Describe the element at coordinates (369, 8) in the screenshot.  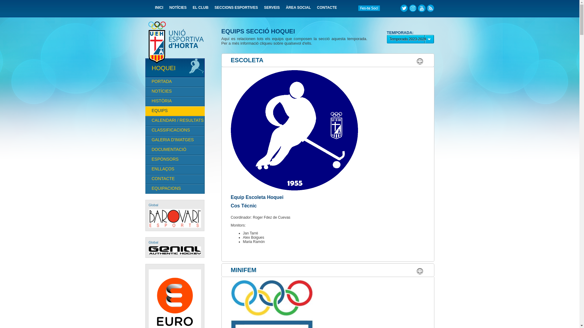
I see `'Fes-te soci'` at that location.